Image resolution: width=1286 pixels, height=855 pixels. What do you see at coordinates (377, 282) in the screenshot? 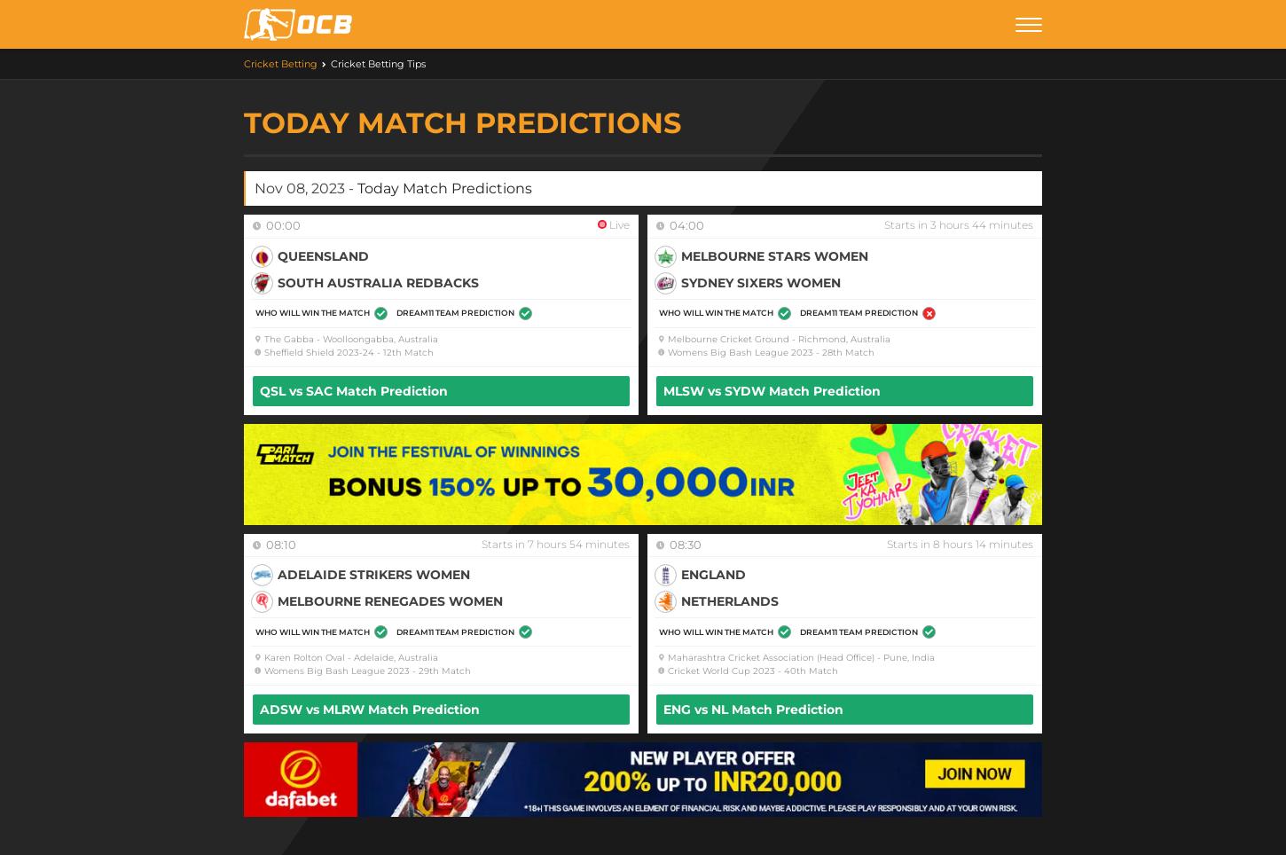
I see `'South Australia Redbacks'` at bounding box center [377, 282].